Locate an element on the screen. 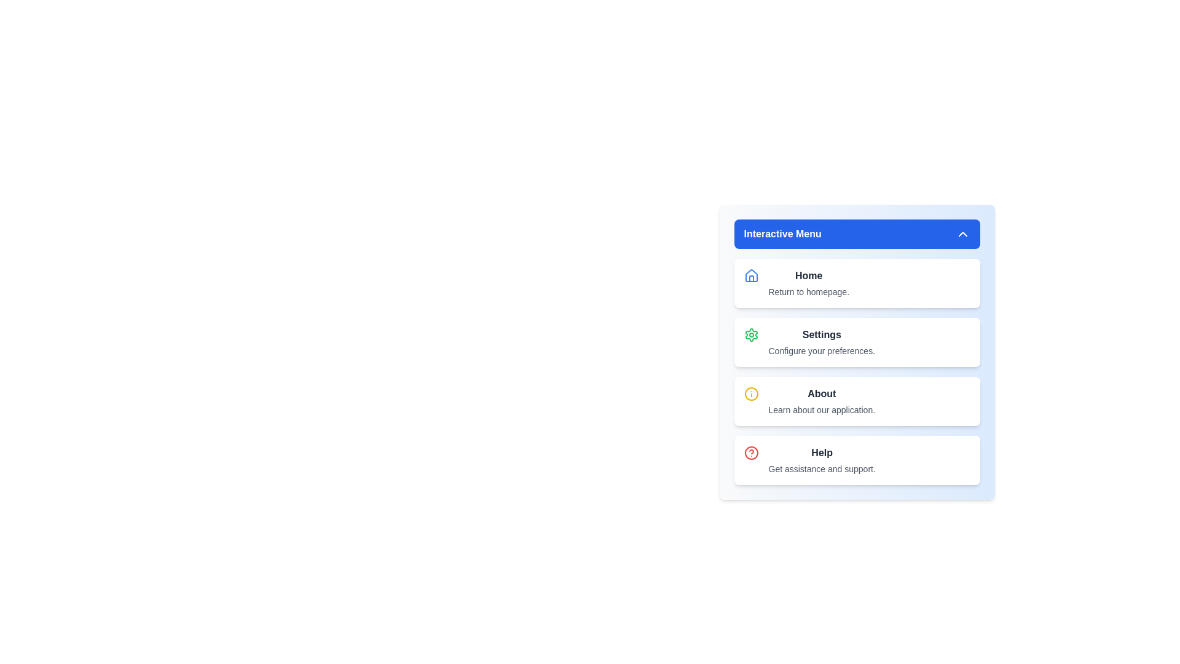  the bold dark gray text element labeled 'About' in the menu, which is positioned above the 'Help' option and below the 'Settings' option is located at coordinates (822, 393).